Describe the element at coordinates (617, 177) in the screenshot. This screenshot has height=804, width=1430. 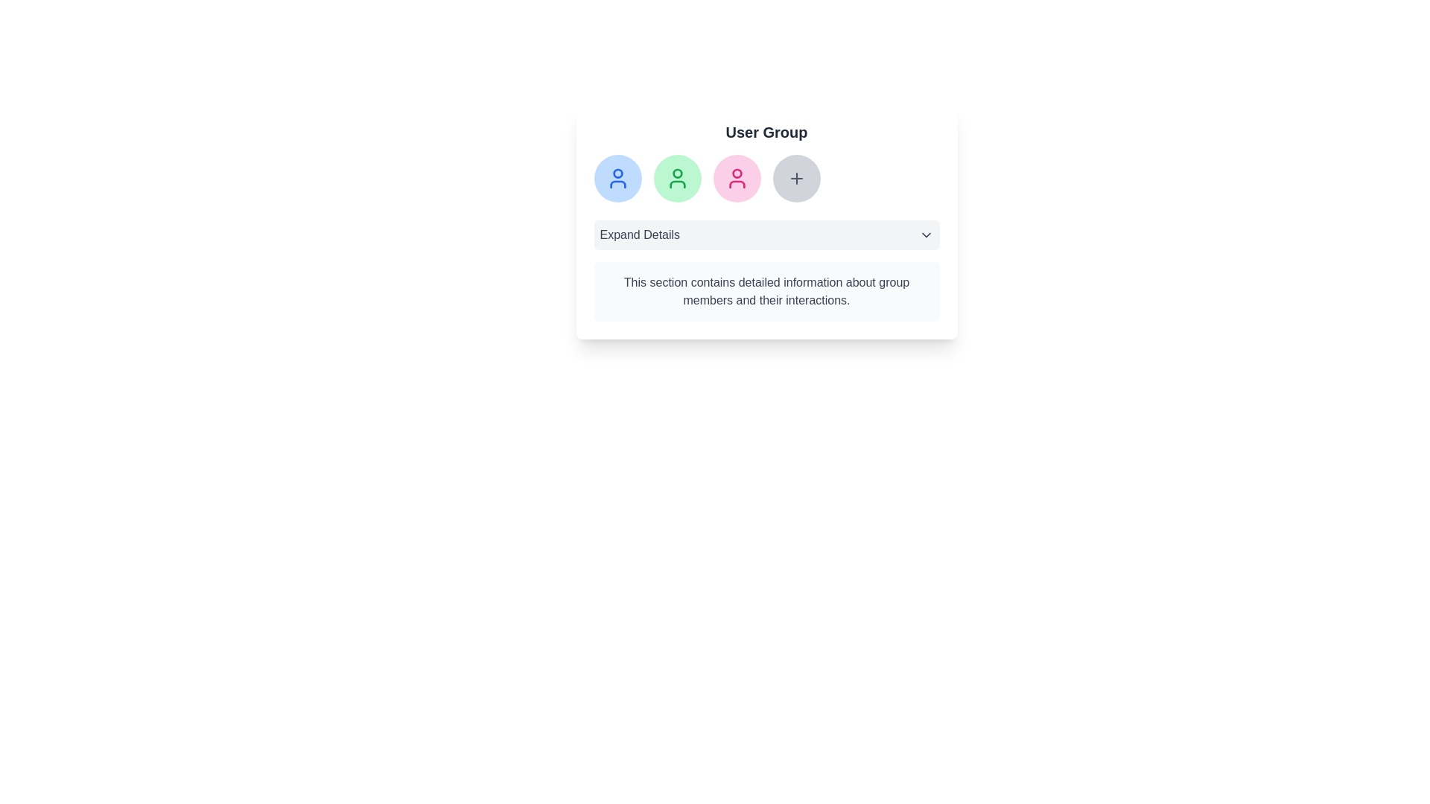
I see `the user identification icon, which is represented as a circular button on a light blue background at the top left of the 'User Group' card` at that location.